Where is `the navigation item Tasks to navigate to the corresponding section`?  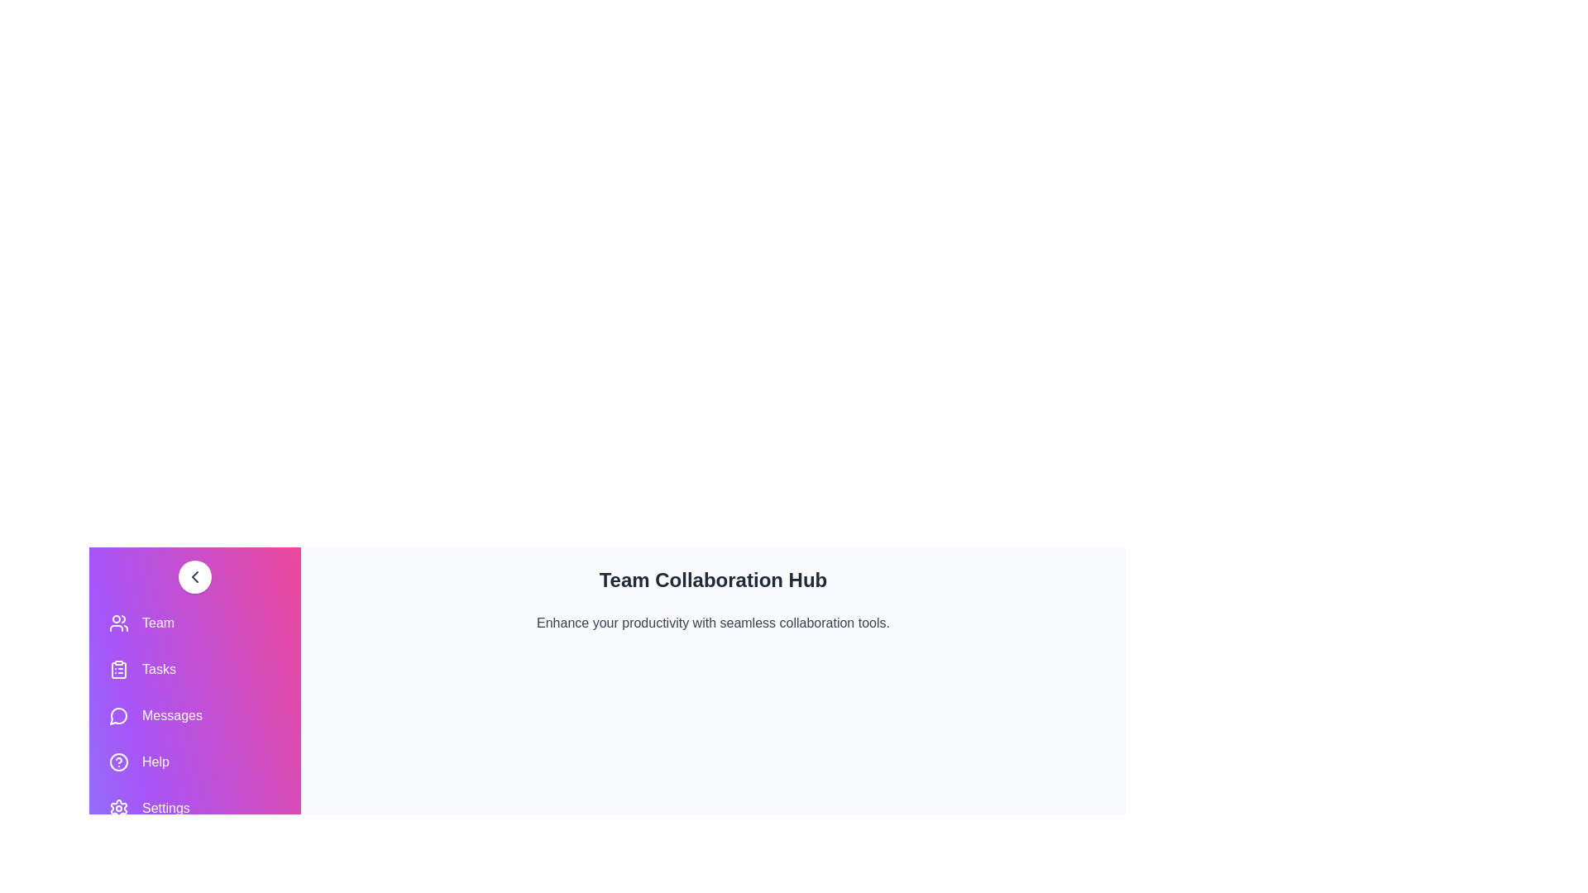
the navigation item Tasks to navigate to the corresponding section is located at coordinates (194, 670).